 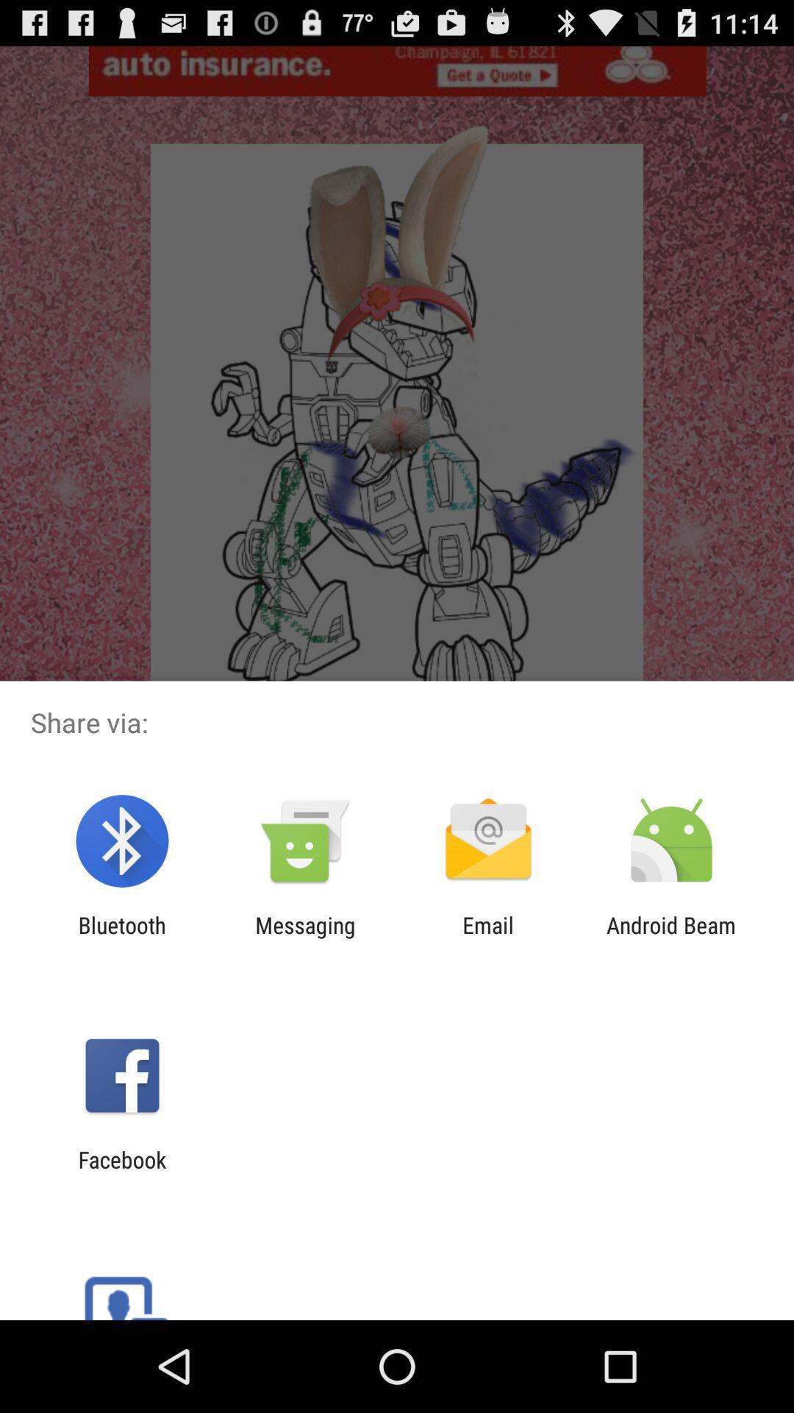 I want to click on app to the left of android beam, so click(x=488, y=938).